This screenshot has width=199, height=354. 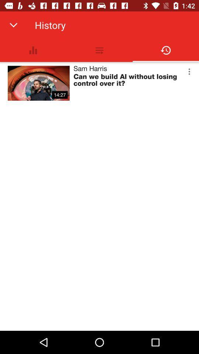 I want to click on item next to the sam harris, so click(x=189, y=72).